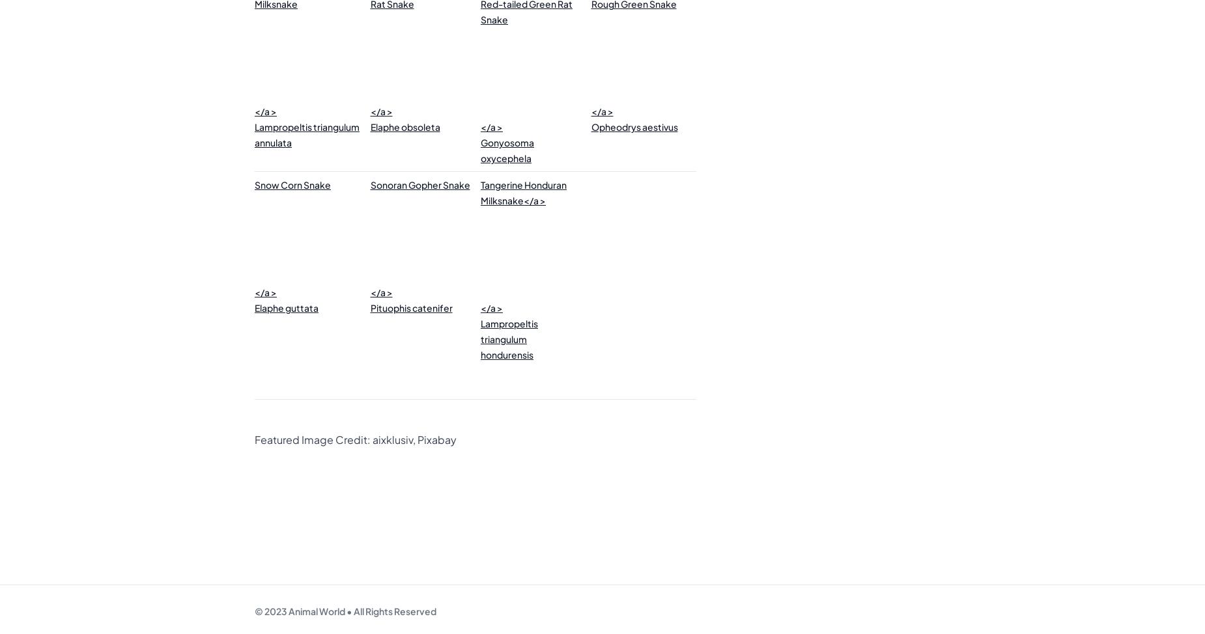 This screenshot has width=1205, height=634. What do you see at coordinates (507, 150) in the screenshot?
I see `'Gonyosoma oxycephela'` at bounding box center [507, 150].